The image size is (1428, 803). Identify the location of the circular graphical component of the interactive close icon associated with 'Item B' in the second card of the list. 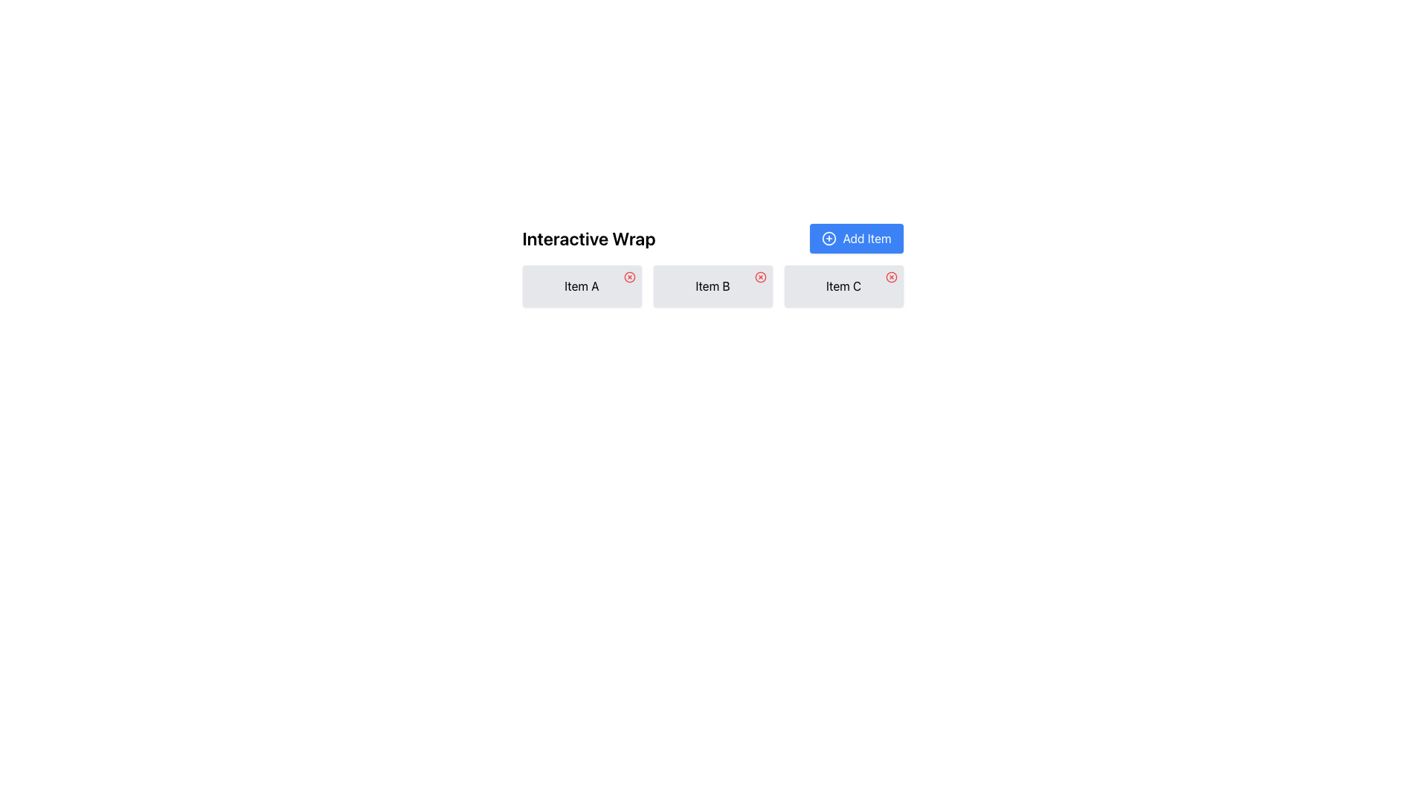
(760, 277).